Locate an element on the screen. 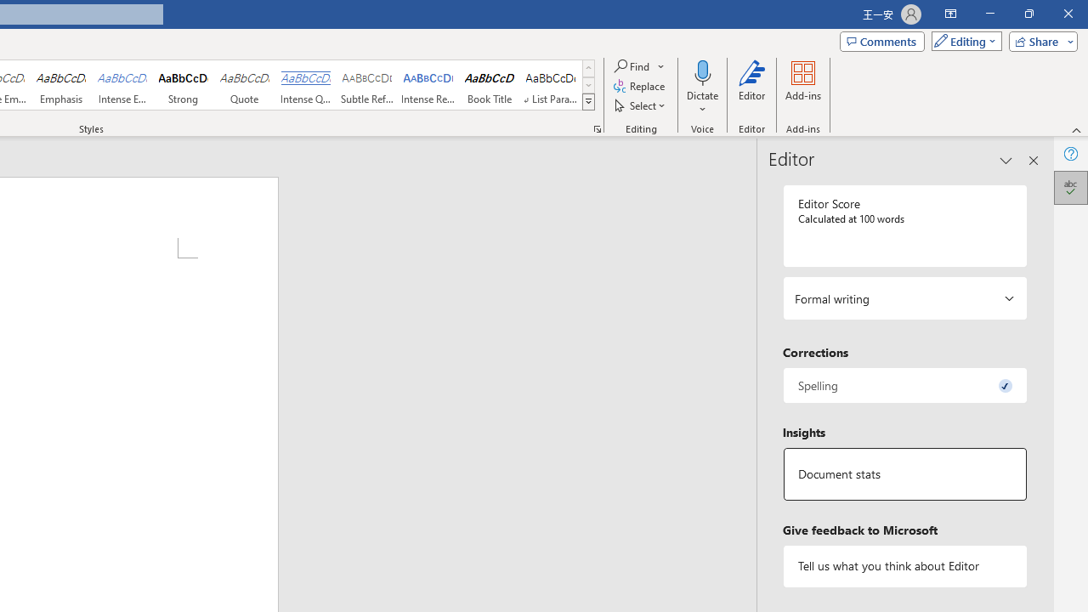 The width and height of the screenshot is (1088, 612). 'Intense Reference' is located at coordinates (428, 85).